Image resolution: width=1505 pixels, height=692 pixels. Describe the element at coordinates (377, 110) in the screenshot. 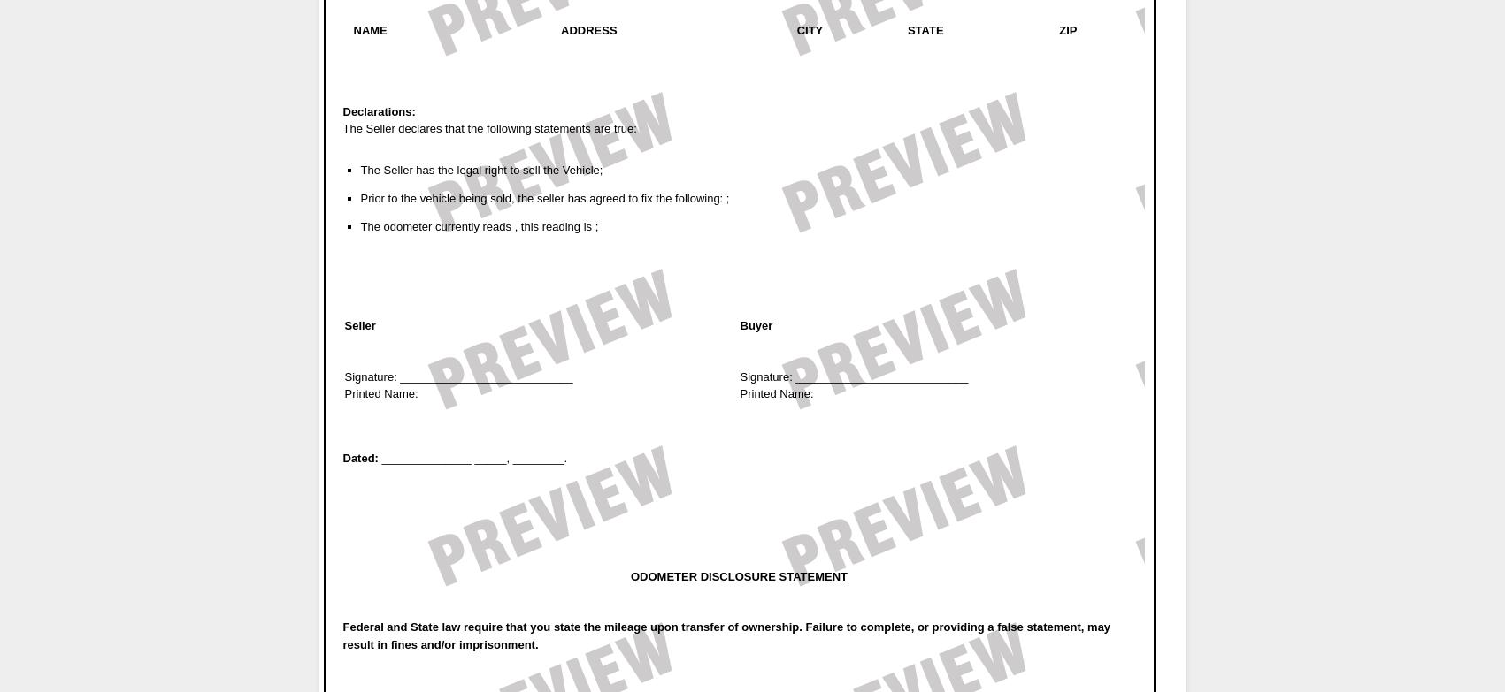

I see `'Declarations:'` at that location.